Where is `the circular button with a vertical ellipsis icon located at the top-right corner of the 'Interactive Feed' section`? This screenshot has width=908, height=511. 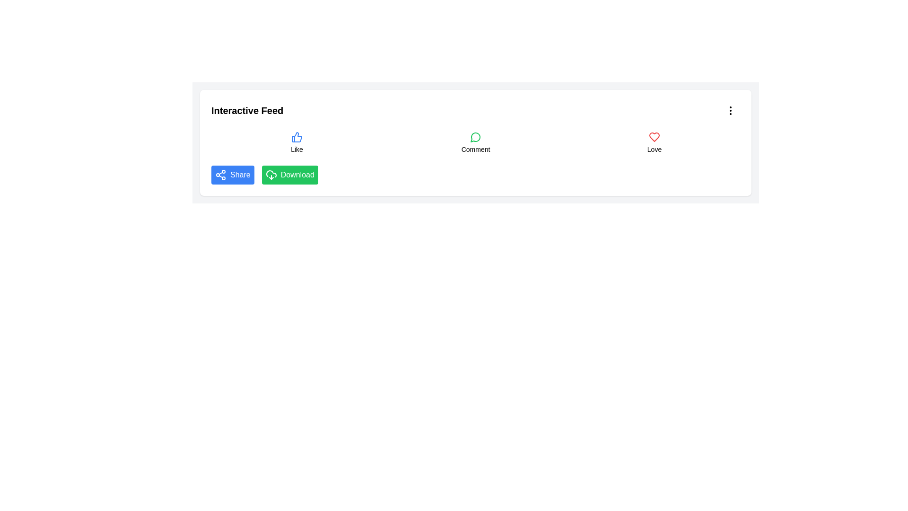
the circular button with a vertical ellipsis icon located at the top-right corner of the 'Interactive Feed' section is located at coordinates (730, 110).